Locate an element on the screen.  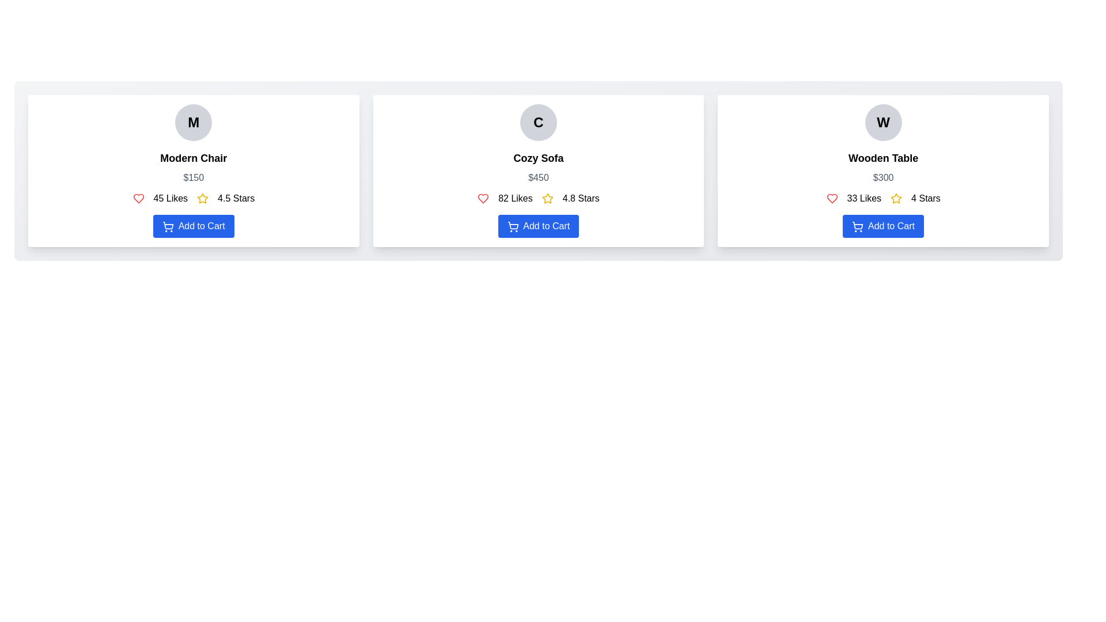
the yellow star-shaped icon next to the text '4.8 Stars' in the second product card to interact with the rating feature is located at coordinates (547, 198).